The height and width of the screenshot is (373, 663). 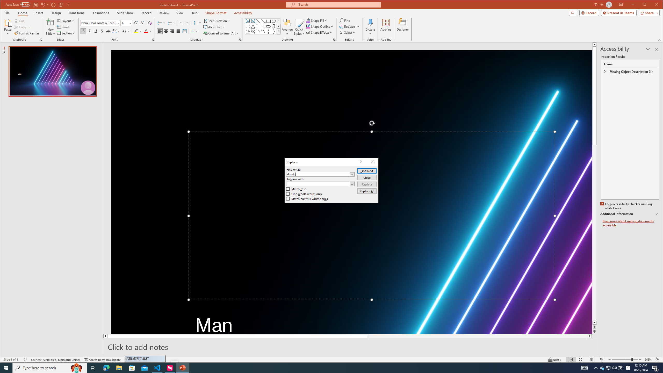 What do you see at coordinates (366, 170) in the screenshot?
I see `'Find Next'` at bounding box center [366, 170].